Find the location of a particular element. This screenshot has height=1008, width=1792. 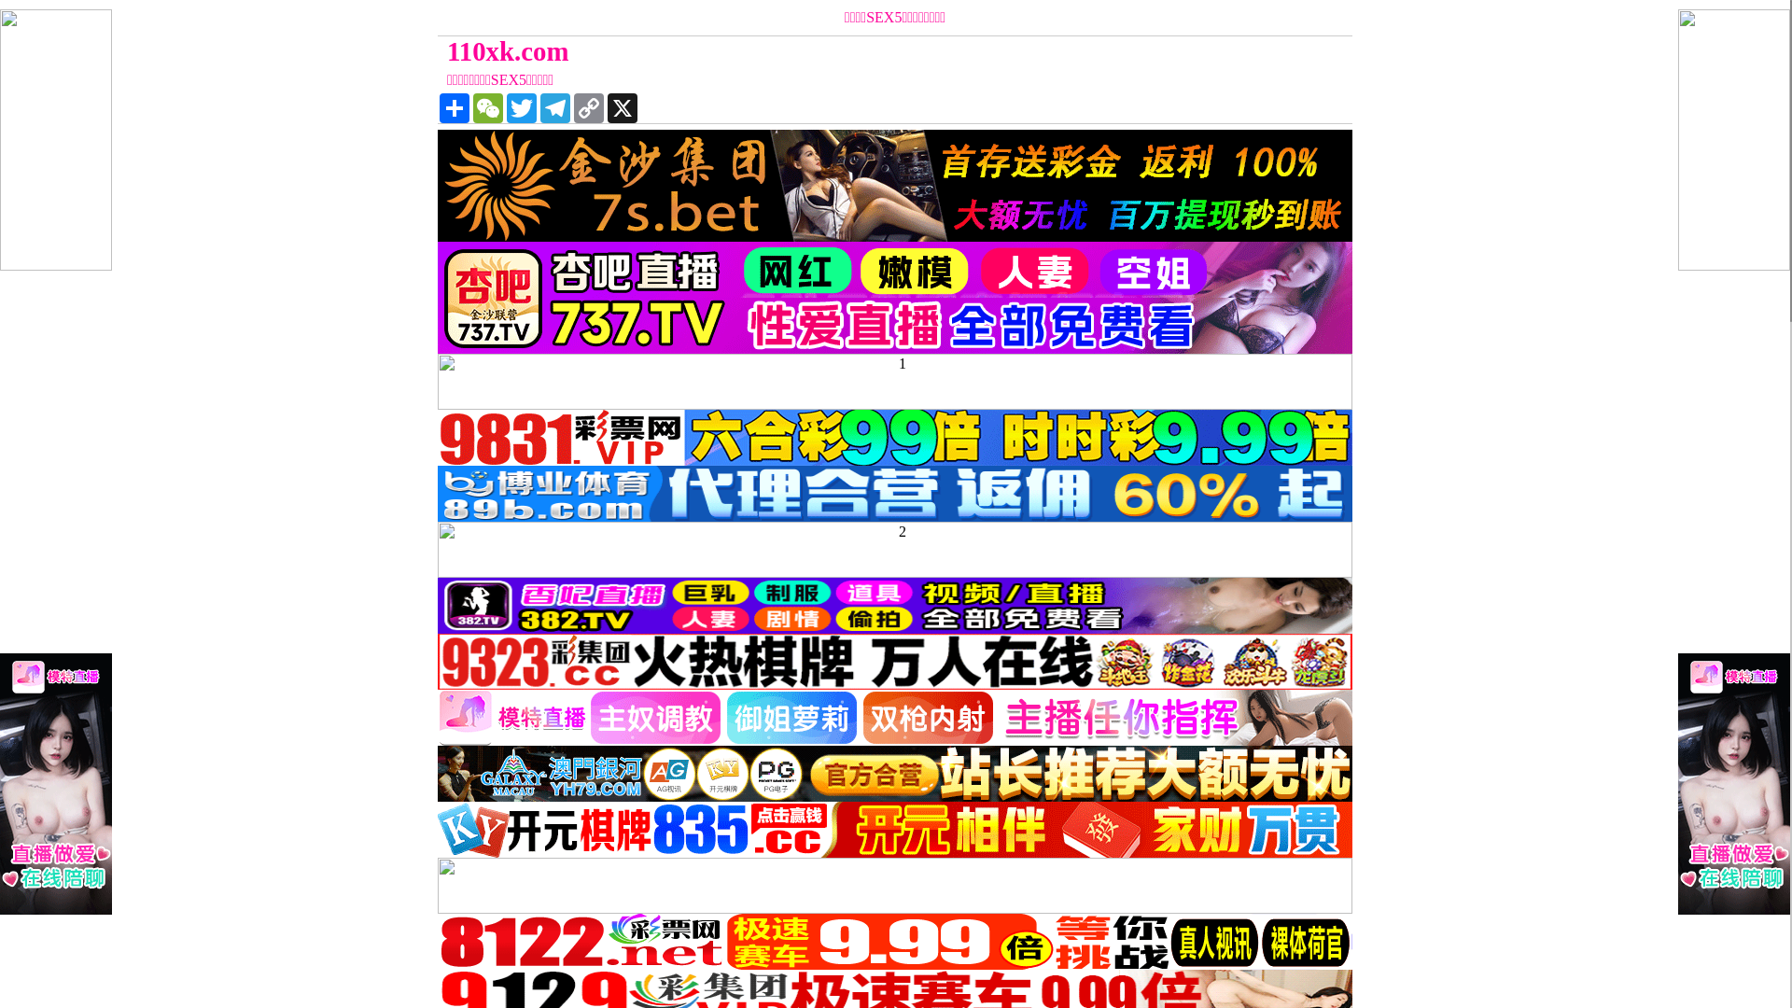

'Twitter' is located at coordinates (521, 107).